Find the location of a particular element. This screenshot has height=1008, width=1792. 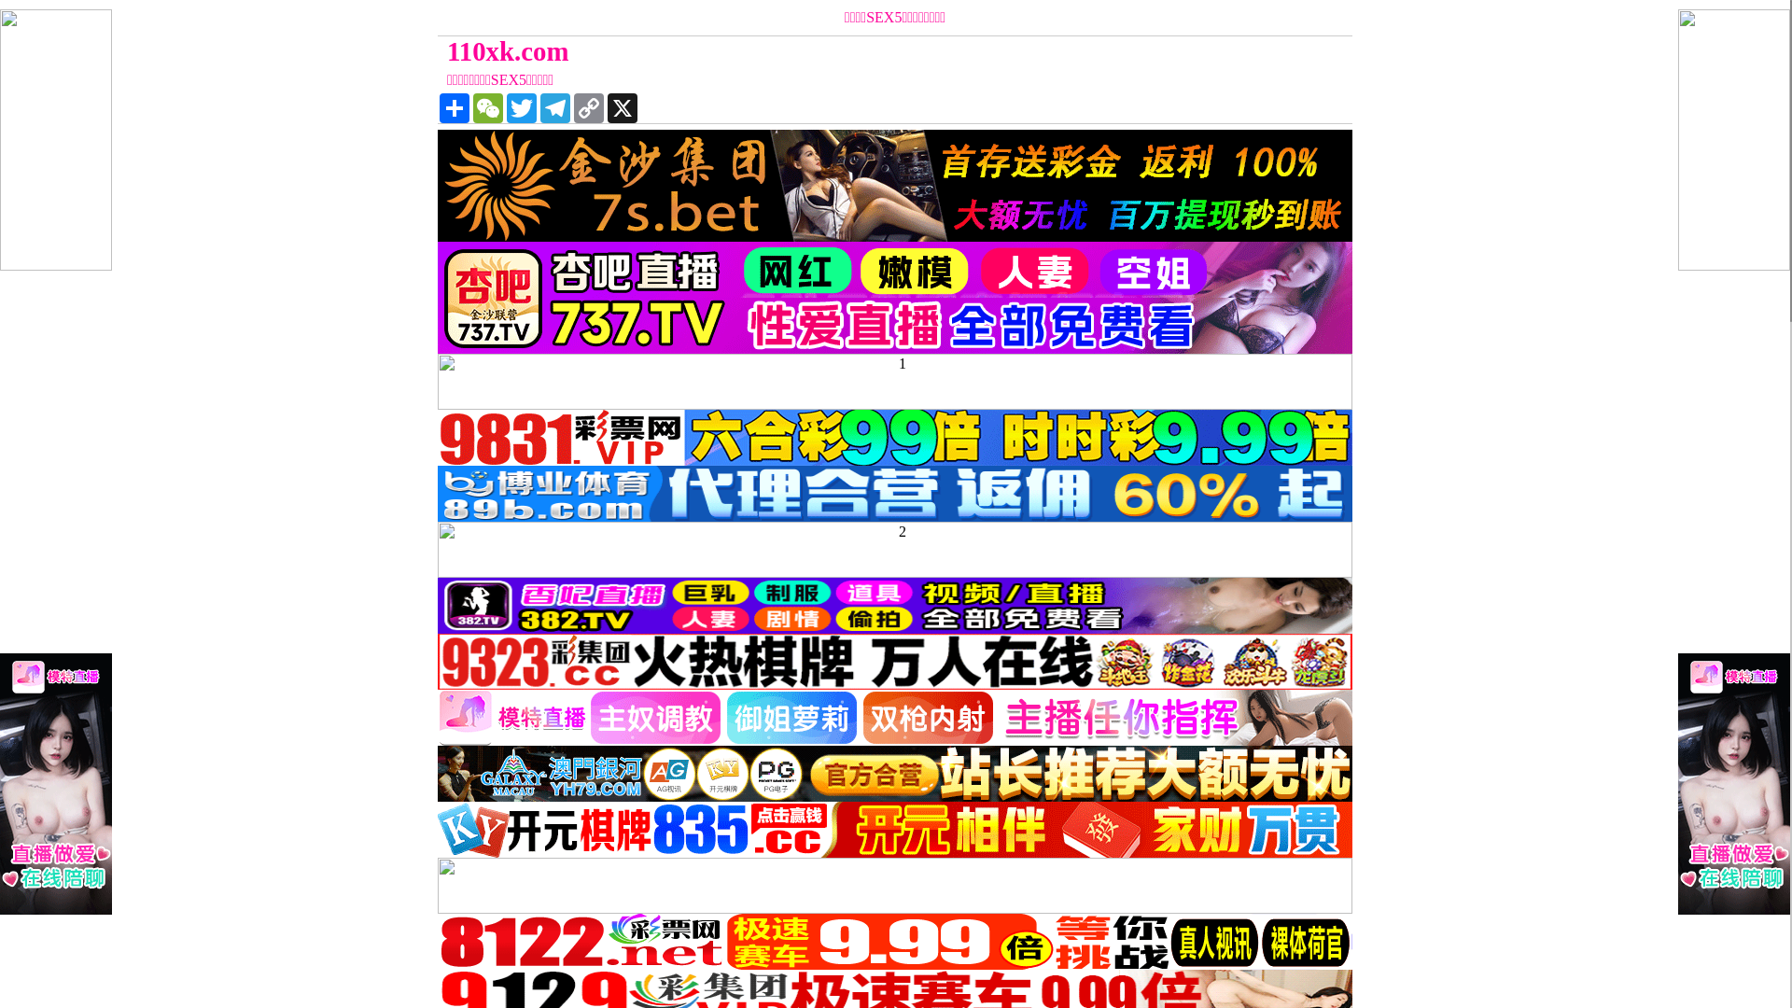

'Twitter' is located at coordinates (521, 107).